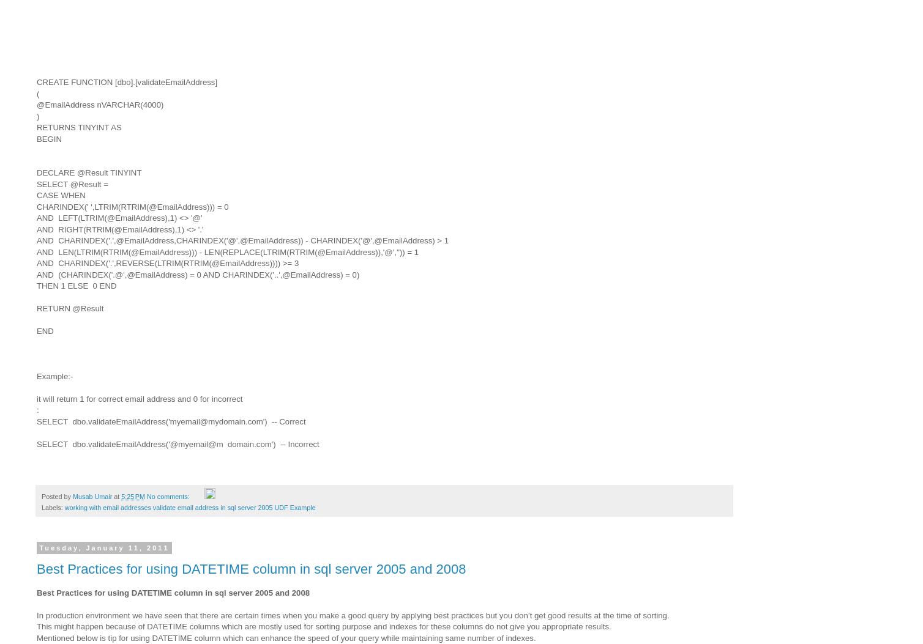 The width and height of the screenshot is (923, 644). What do you see at coordinates (132, 205) in the screenshot?
I see `'CHARINDEX(' ',LTRIM(RTRIM(@EmailAddress))) = 0'` at bounding box center [132, 205].